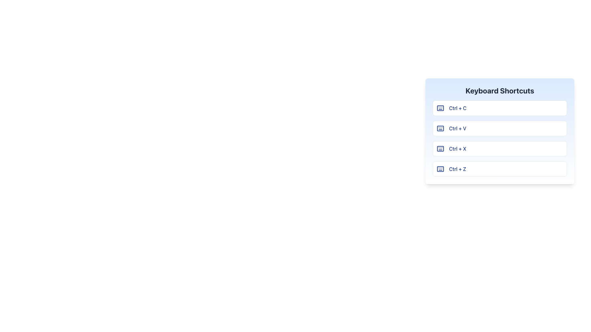 This screenshot has width=591, height=332. What do you see at coordinates (500, 169) in the screenshot?
I see `the 'Ctrl + Z' button, which is the fourth element in the 'Keyboard Shortcuts' group, to trigger the undo operation` at bounding box center [500, 169].